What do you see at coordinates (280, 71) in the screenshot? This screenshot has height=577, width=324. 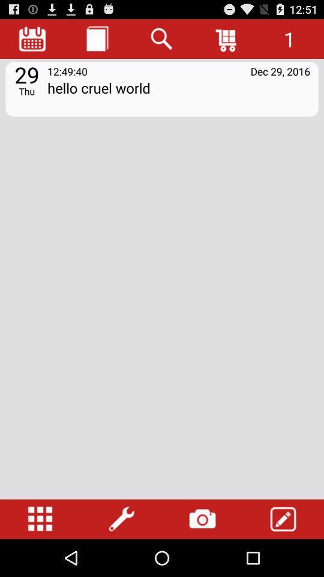 I see `dec 29, 2016 icon` at bounding box center [280, 71].